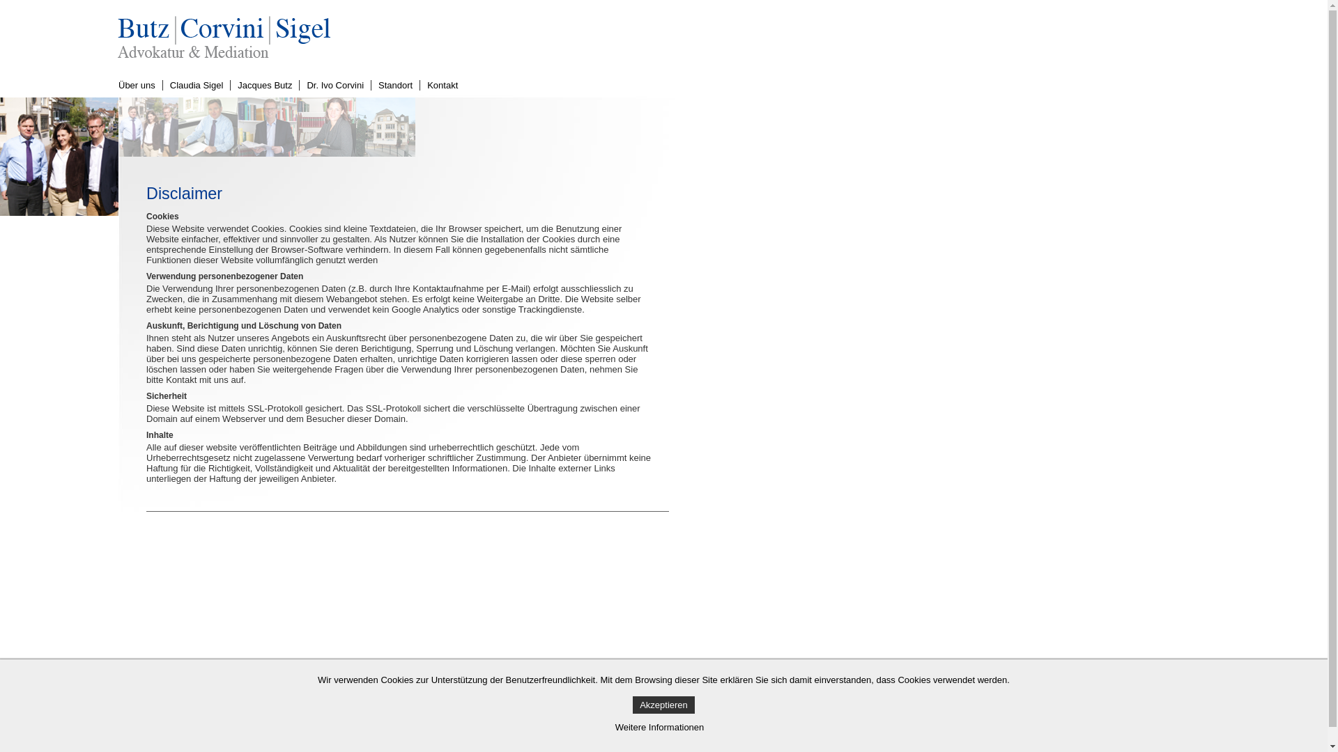 This screenshot has height=752, width=1338. What do you see at coordinates (335, 85) in the screenshot?
I see `'Dr. Ivo Corvini'` at bounding box center [335, 85].